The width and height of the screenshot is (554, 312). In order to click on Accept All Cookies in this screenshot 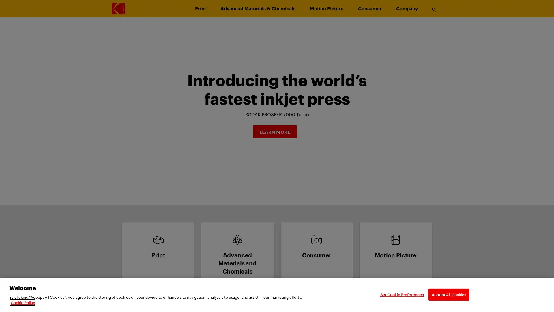, I will do `click(448, 294)`.